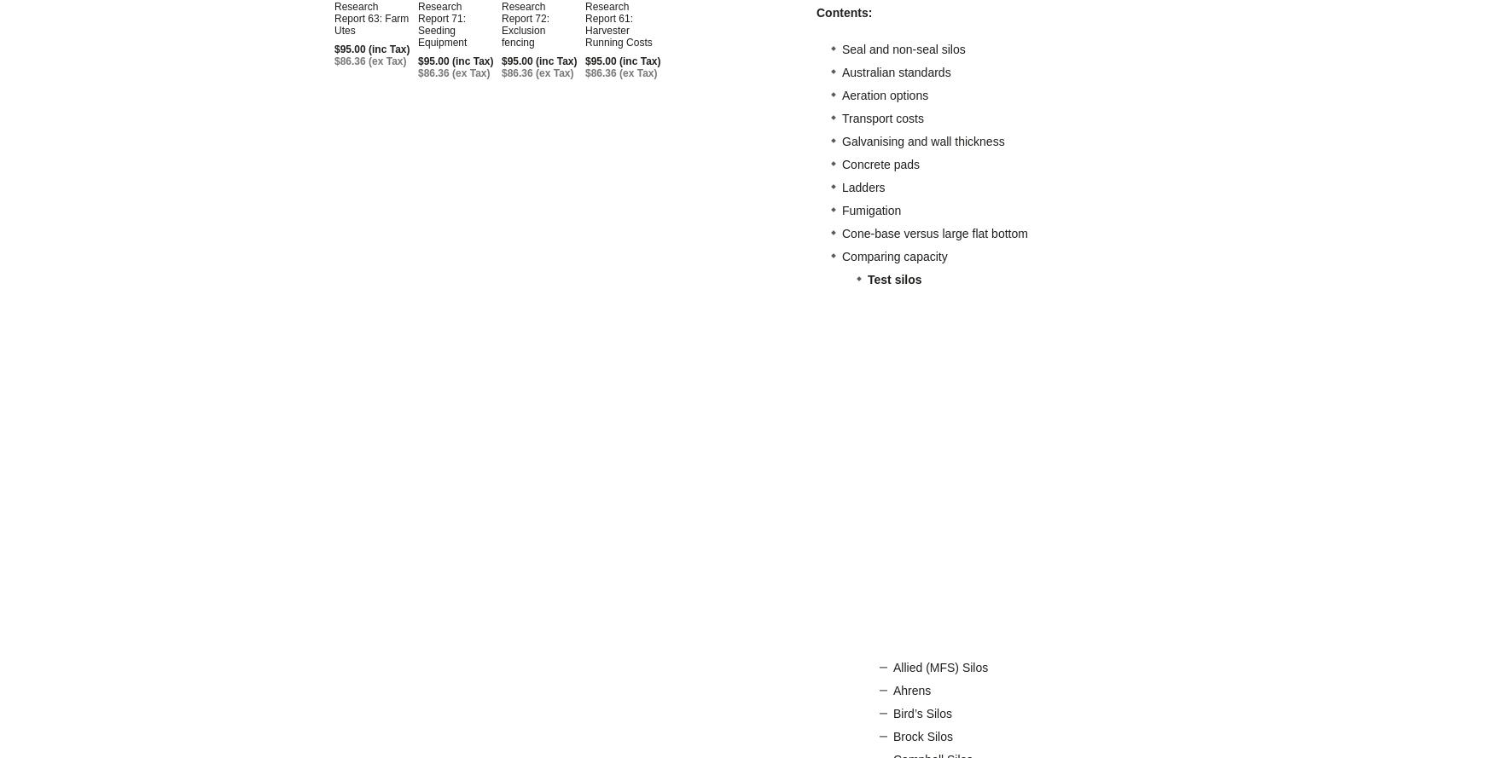 The width and height of the screenshot is (1505, 758). What do you see at coordinates (841, 95) in the screenshot?
I see `'Aeration options'` at bounding box center [841, 95].